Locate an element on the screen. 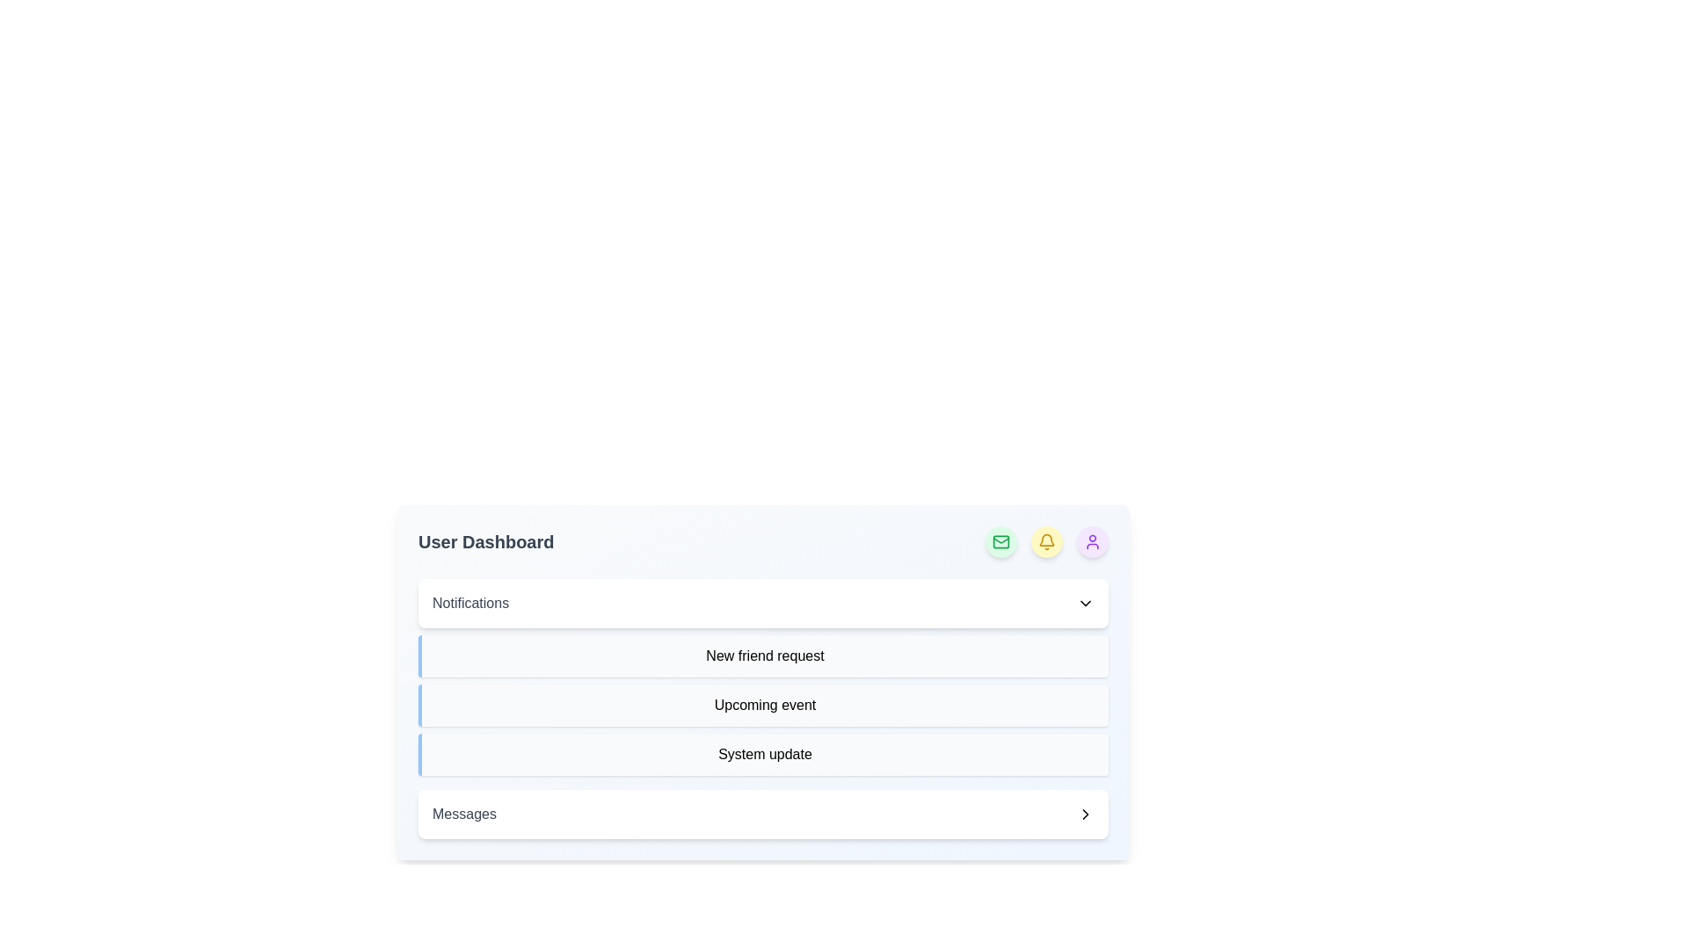 The image size is (1688, 949). the right-pointing chevron icon located on the far right side of the 'Messages' section is located at coordinates (1084, 814).